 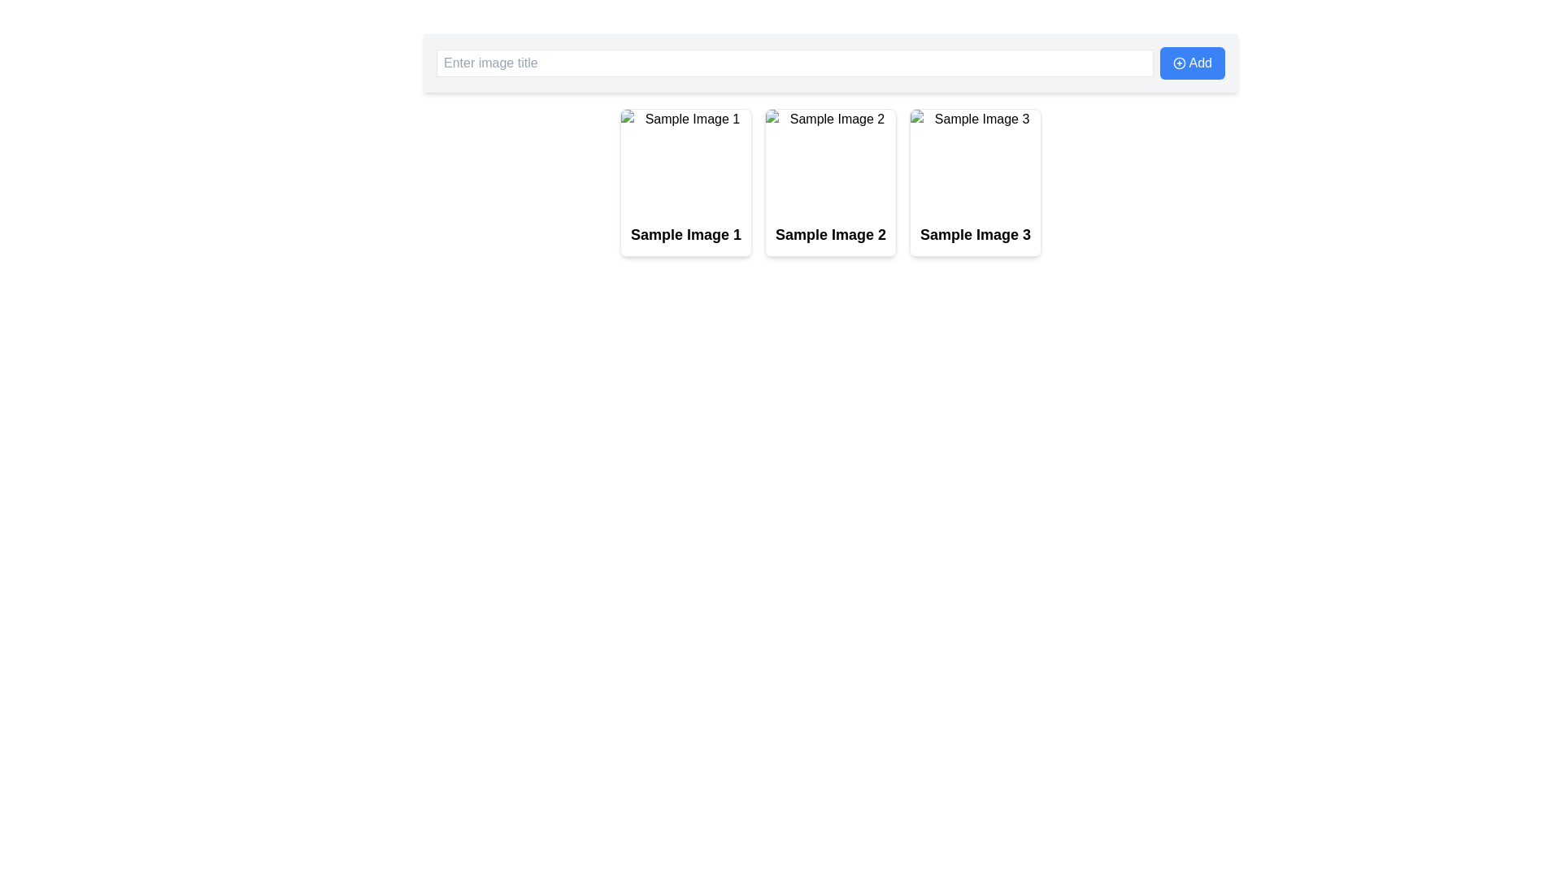 What do you see at coordinates (685, 162) in the screenshot?
I see `the placeholder image element located at the top of the card component, positioned above the text label 'Sample Image 1'` at bounding box center [685, 162].